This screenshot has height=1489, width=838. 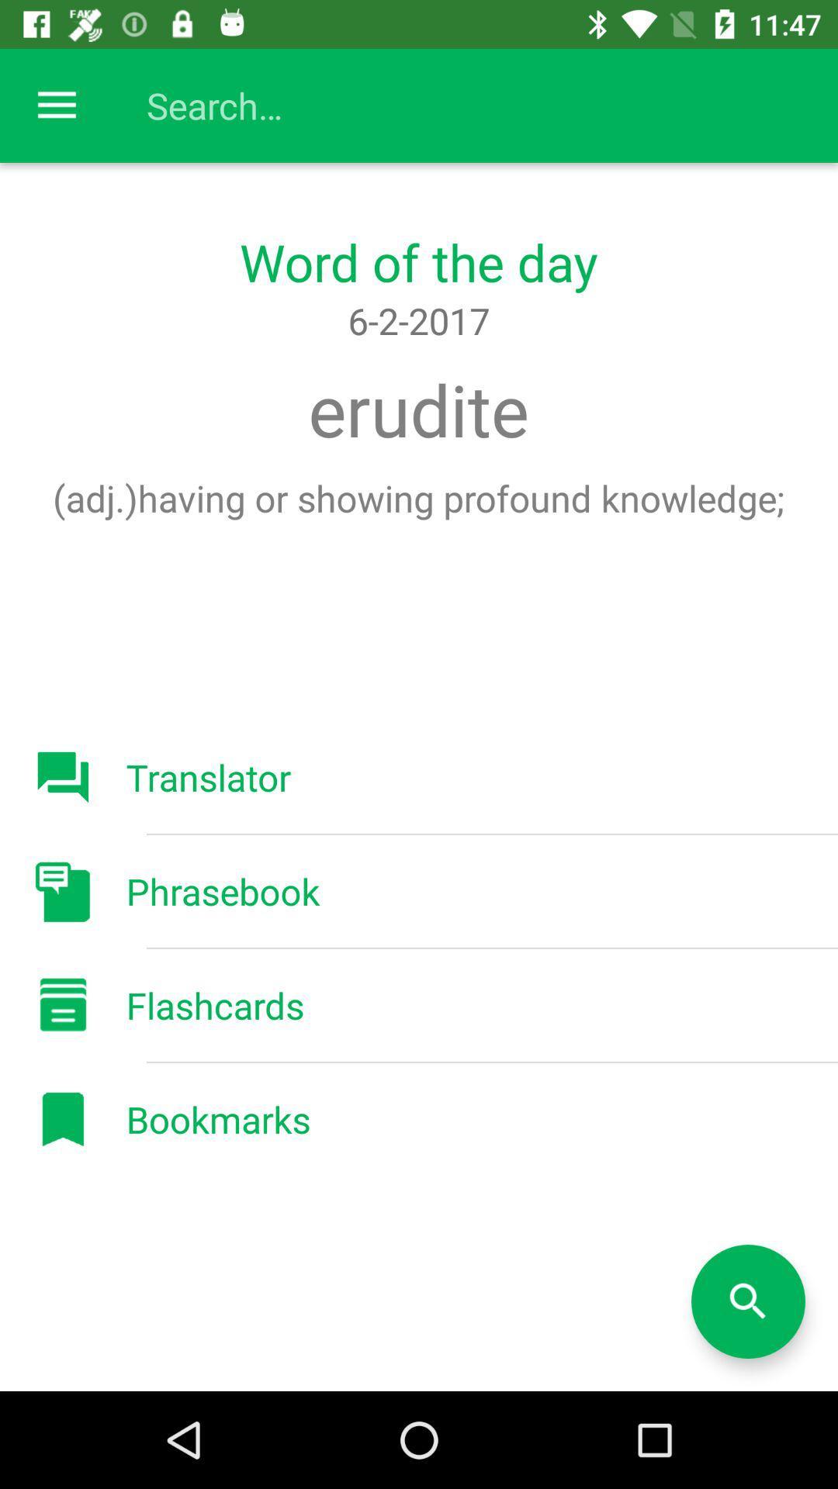 I want to click on the erudite, so click(x=417, y=409).